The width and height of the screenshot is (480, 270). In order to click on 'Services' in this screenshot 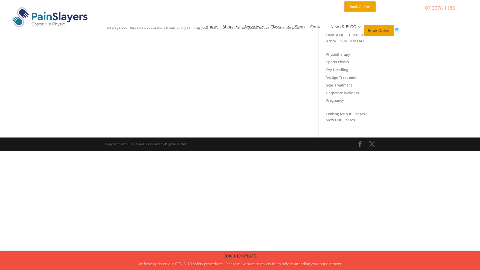, I will do `click(254, 30)`.